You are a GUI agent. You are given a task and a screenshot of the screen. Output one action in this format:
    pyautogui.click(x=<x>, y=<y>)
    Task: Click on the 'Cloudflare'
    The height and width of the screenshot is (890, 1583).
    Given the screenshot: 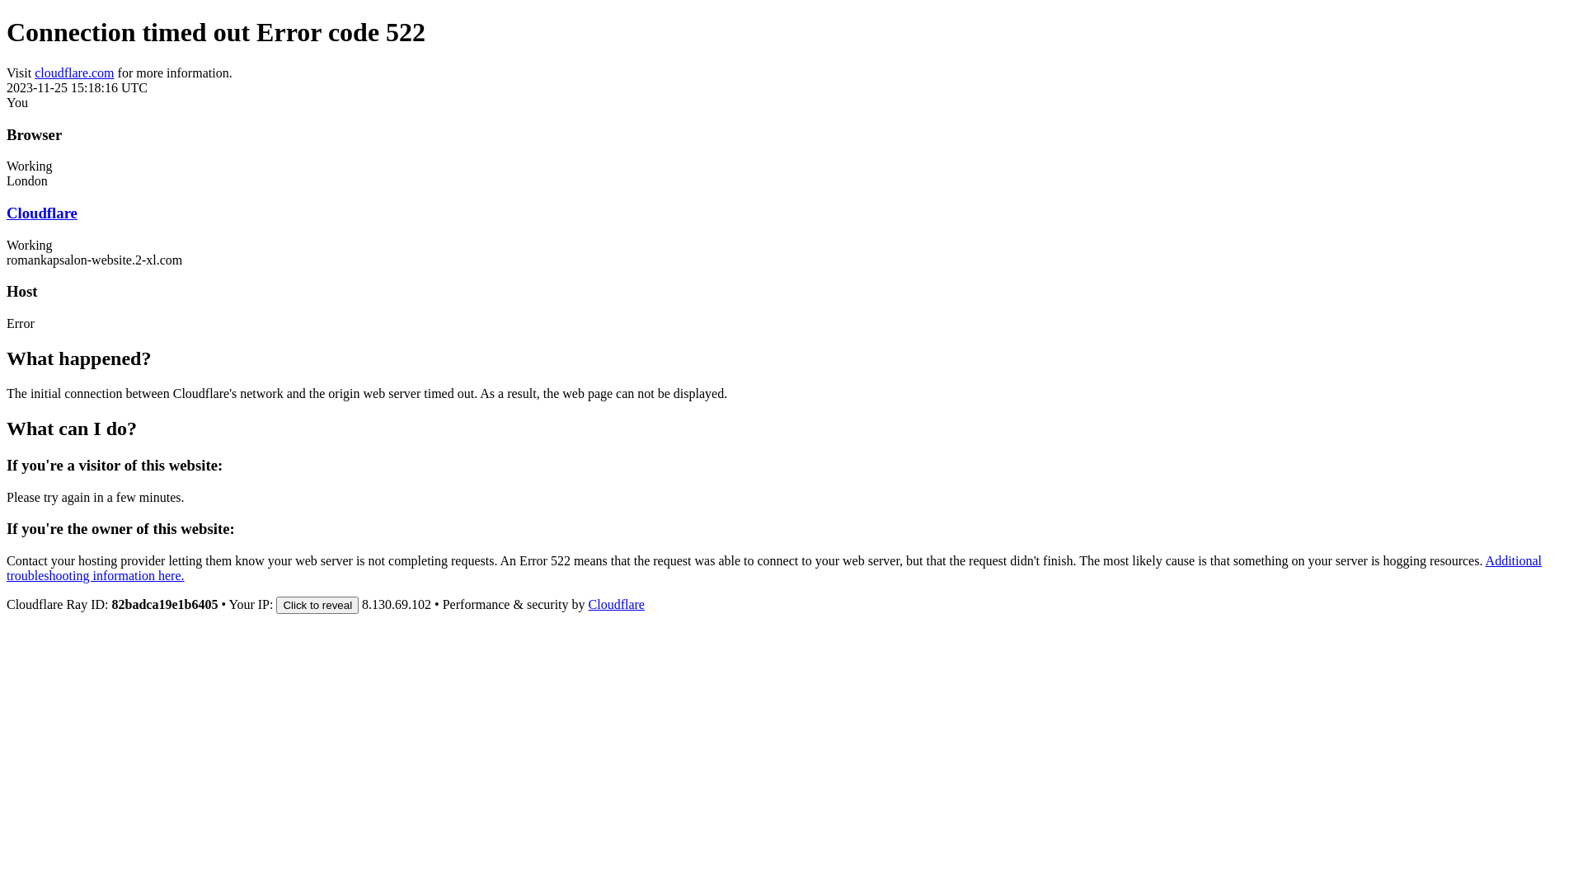 What is the action you would take?
    pyautogui.click(x=7, y=212)
    